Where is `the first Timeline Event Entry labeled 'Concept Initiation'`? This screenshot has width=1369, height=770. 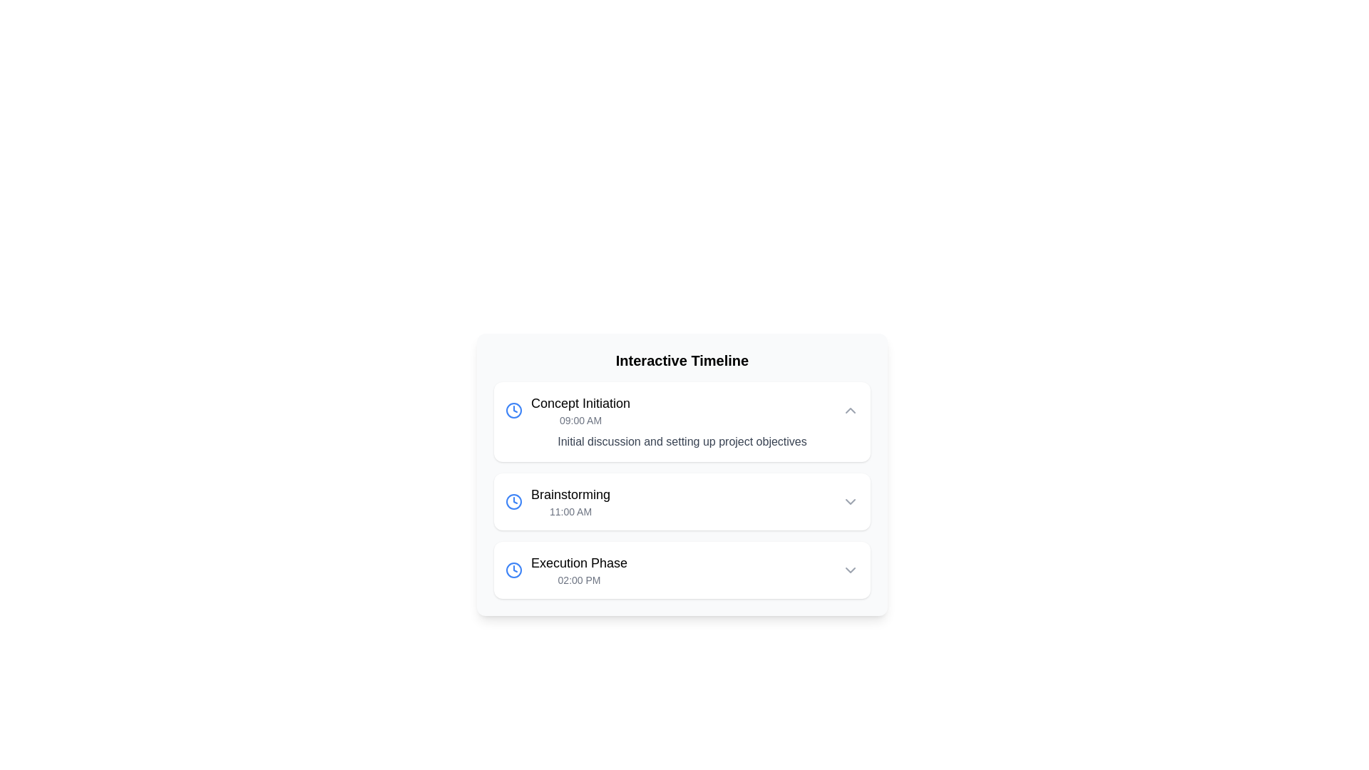
the first Timeline Event Entry labeled 'Concept Initiation' is located at coordinates (681, 410).